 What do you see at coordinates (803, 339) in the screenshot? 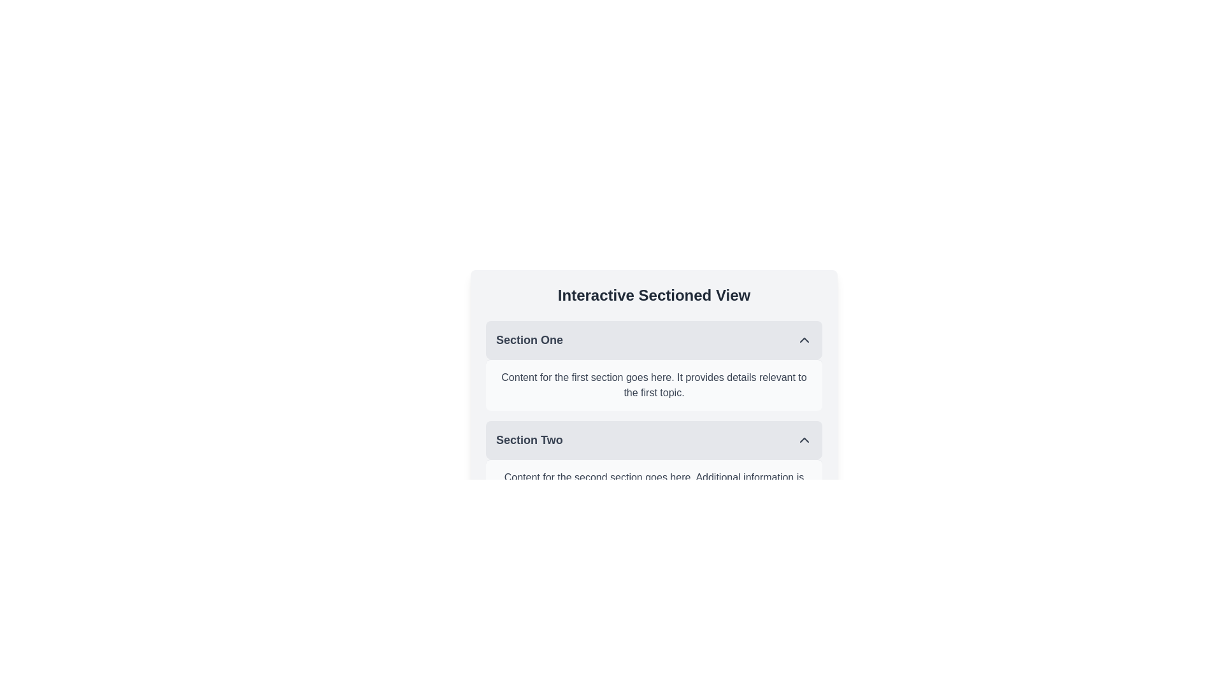
I see `the upward-pointing chevron icon located to the far right of the header labeled 'Section One'` at bounding box center [803, 339].